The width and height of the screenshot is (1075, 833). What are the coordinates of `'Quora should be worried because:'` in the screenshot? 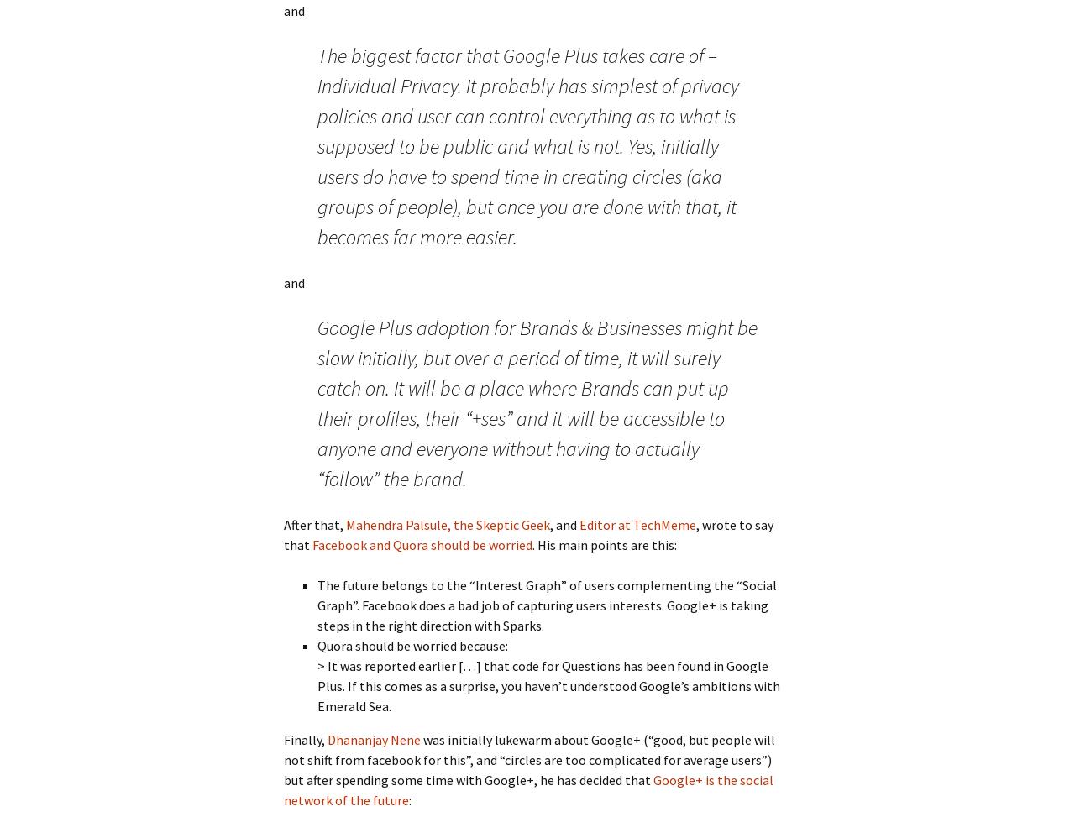 It's located at (412, 644).